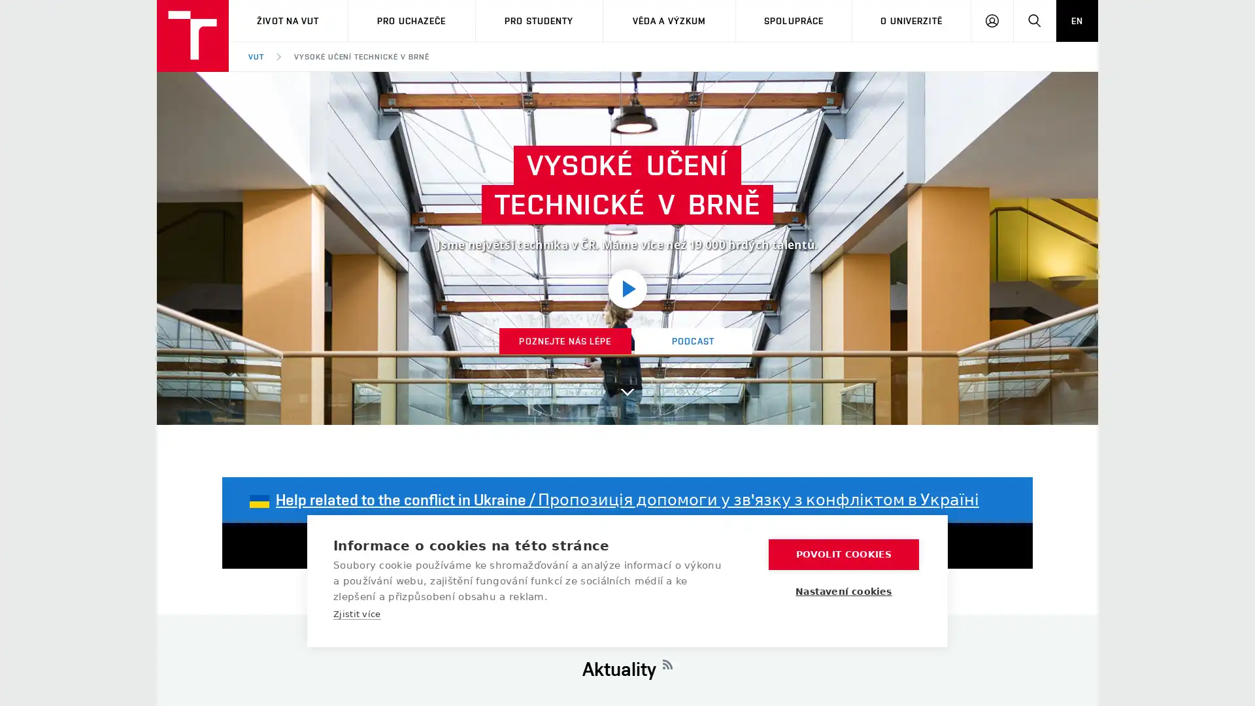  I want to click on Nastaveni cookies, so click(844, 592).